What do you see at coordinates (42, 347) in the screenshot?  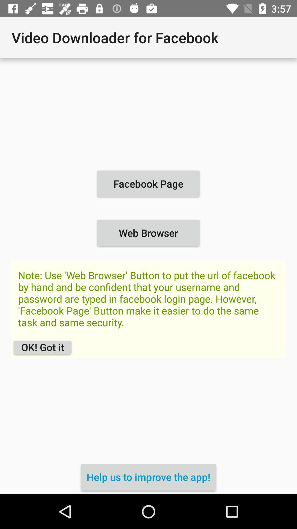 I see `the ok! got it` at bounding box center [42, 347].